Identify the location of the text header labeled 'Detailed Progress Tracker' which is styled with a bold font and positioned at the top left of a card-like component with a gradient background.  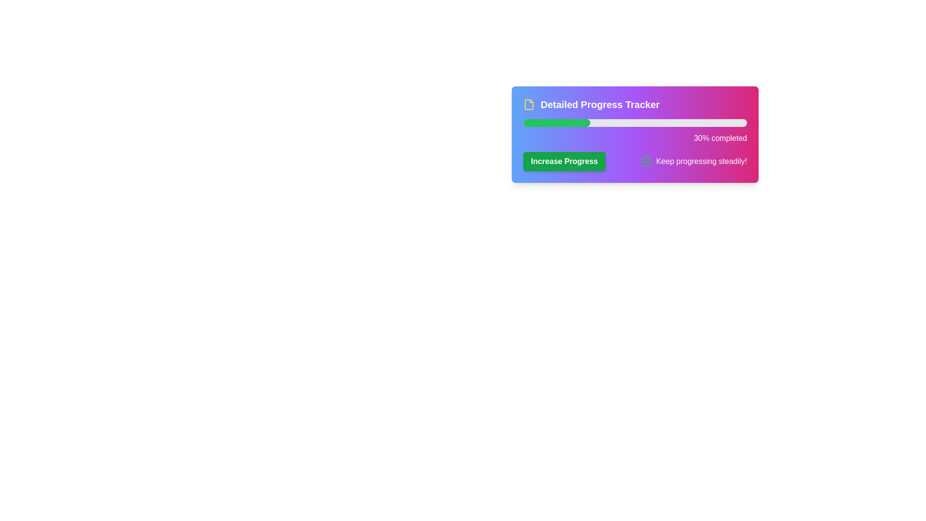
(635, 104).